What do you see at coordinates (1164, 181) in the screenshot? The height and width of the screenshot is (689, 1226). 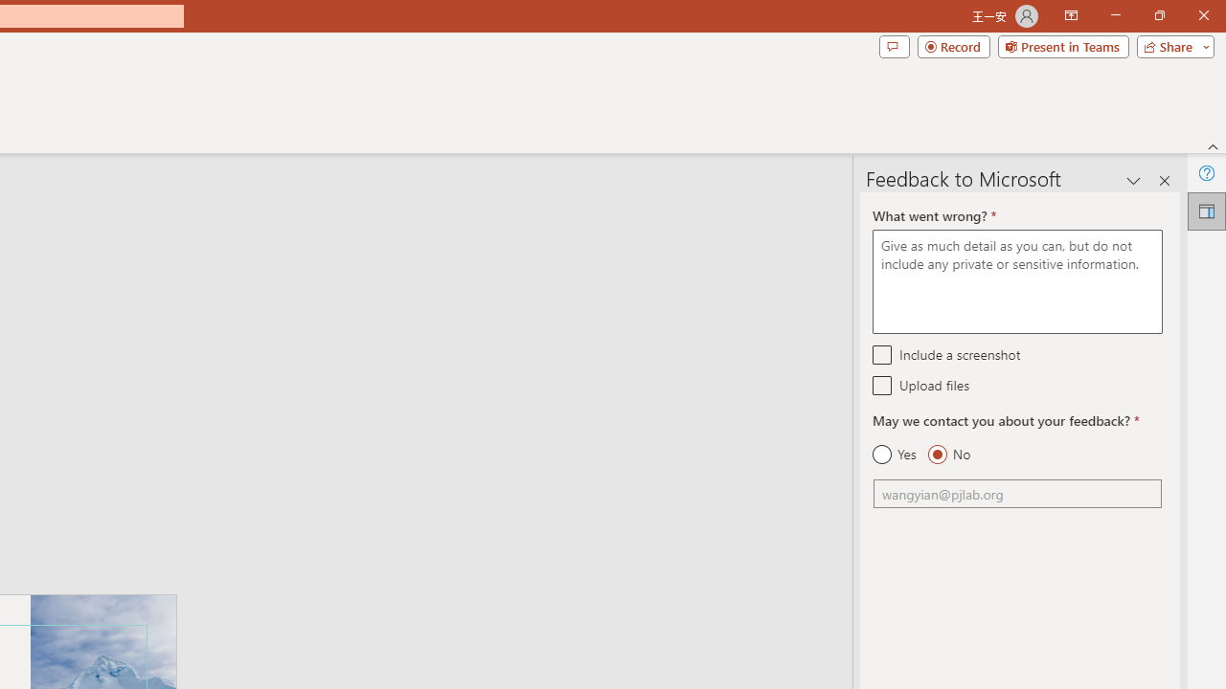 I see `'Close pane'` at bounding box center [1164, 181].